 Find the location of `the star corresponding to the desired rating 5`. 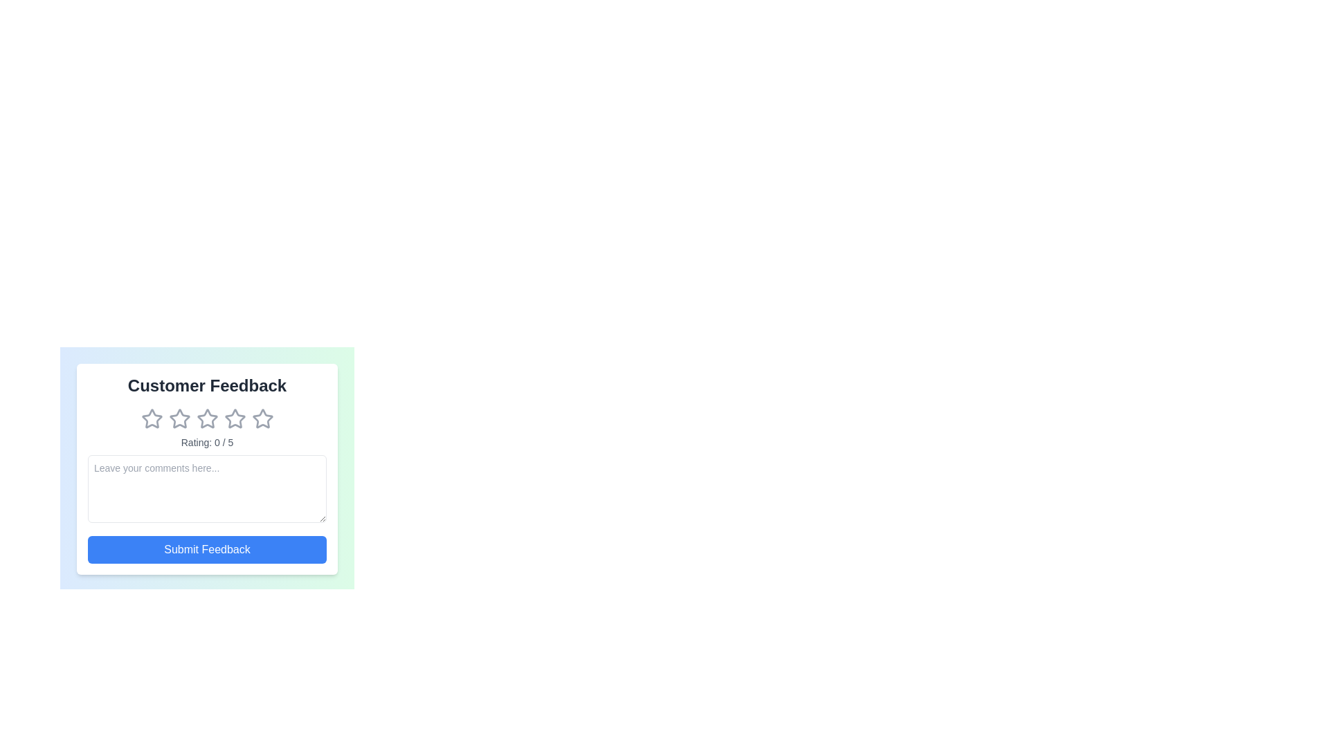

the star corresponding to the desired rating 5 is located at coordinates (262, 418).